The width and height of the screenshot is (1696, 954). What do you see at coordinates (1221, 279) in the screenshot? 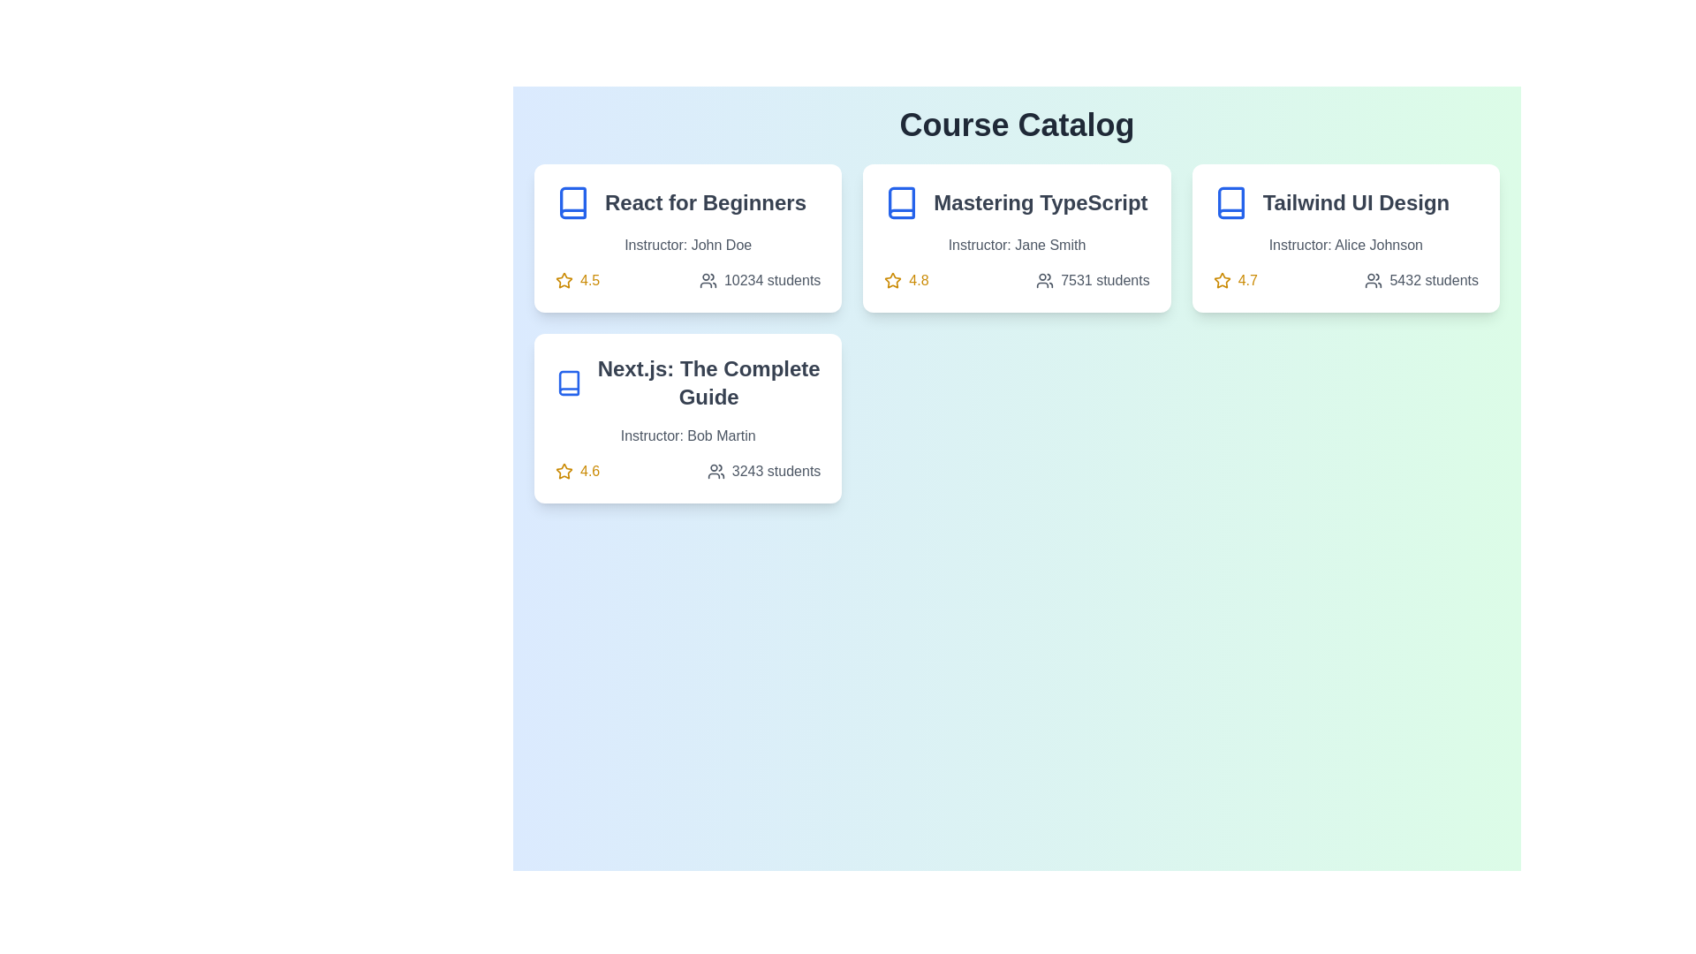
I see `the star icon representing a rating, located to the left of the numeric text '4.7' within the 'Tailwind UI Design' card` at bounding box center [1221, 279].